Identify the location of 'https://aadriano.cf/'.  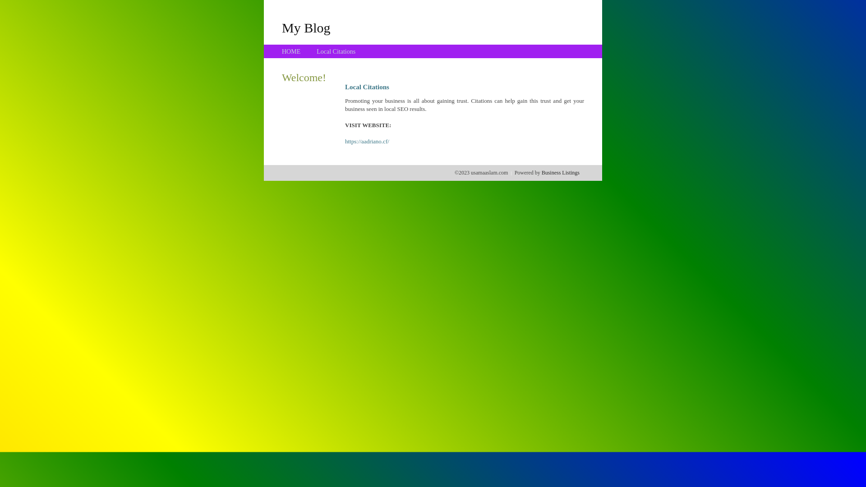
(344, 141).